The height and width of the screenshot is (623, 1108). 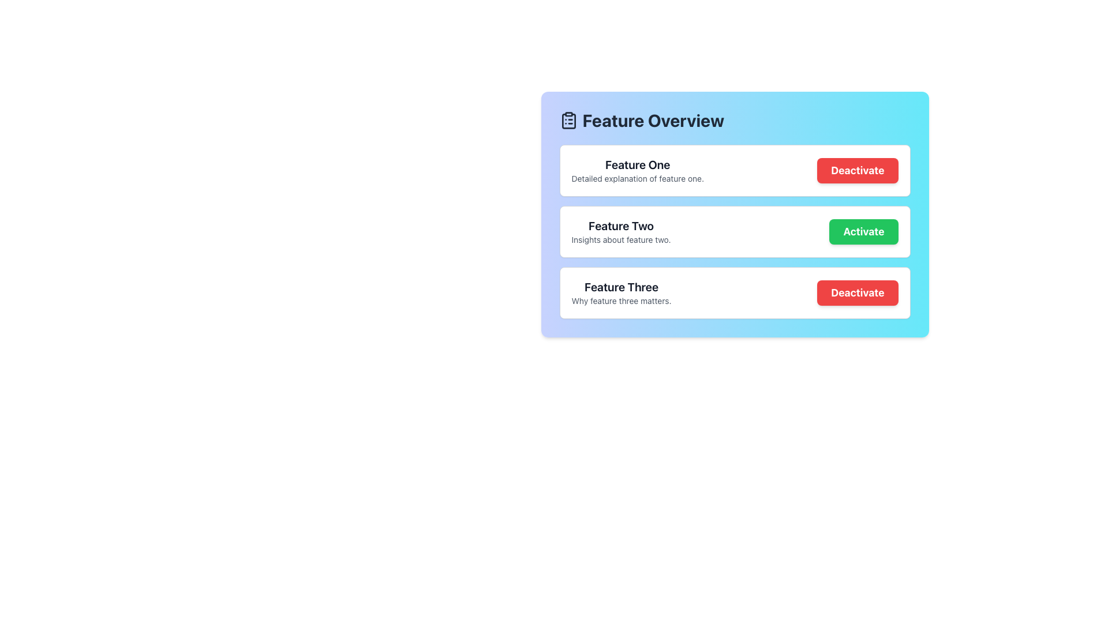 I want to click on text content labeled 'Feature Two' and its subtitle 'Insights about feature two.' which is located within a white background card in the second item of a vertically stacked list of feature descriptions, so click(x=620, y=231).